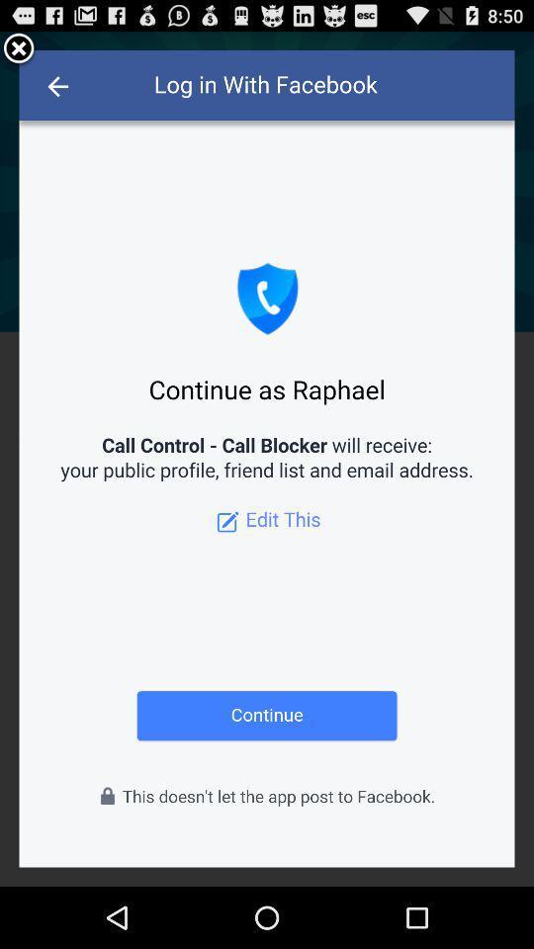 The width and height of the screenshot is (534, 949). What do you see at coordinates (267, 459) in the screenshot?
I see `the icon at the center` at bounding box center [267, 459].